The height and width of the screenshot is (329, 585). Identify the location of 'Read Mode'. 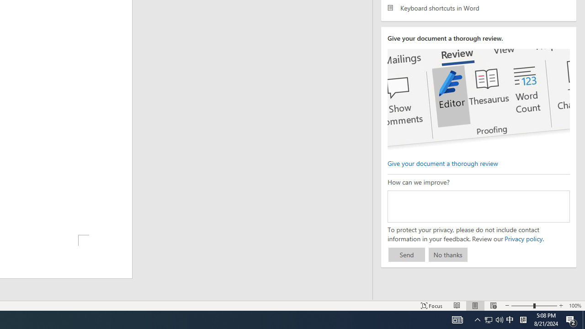
(457, 306).